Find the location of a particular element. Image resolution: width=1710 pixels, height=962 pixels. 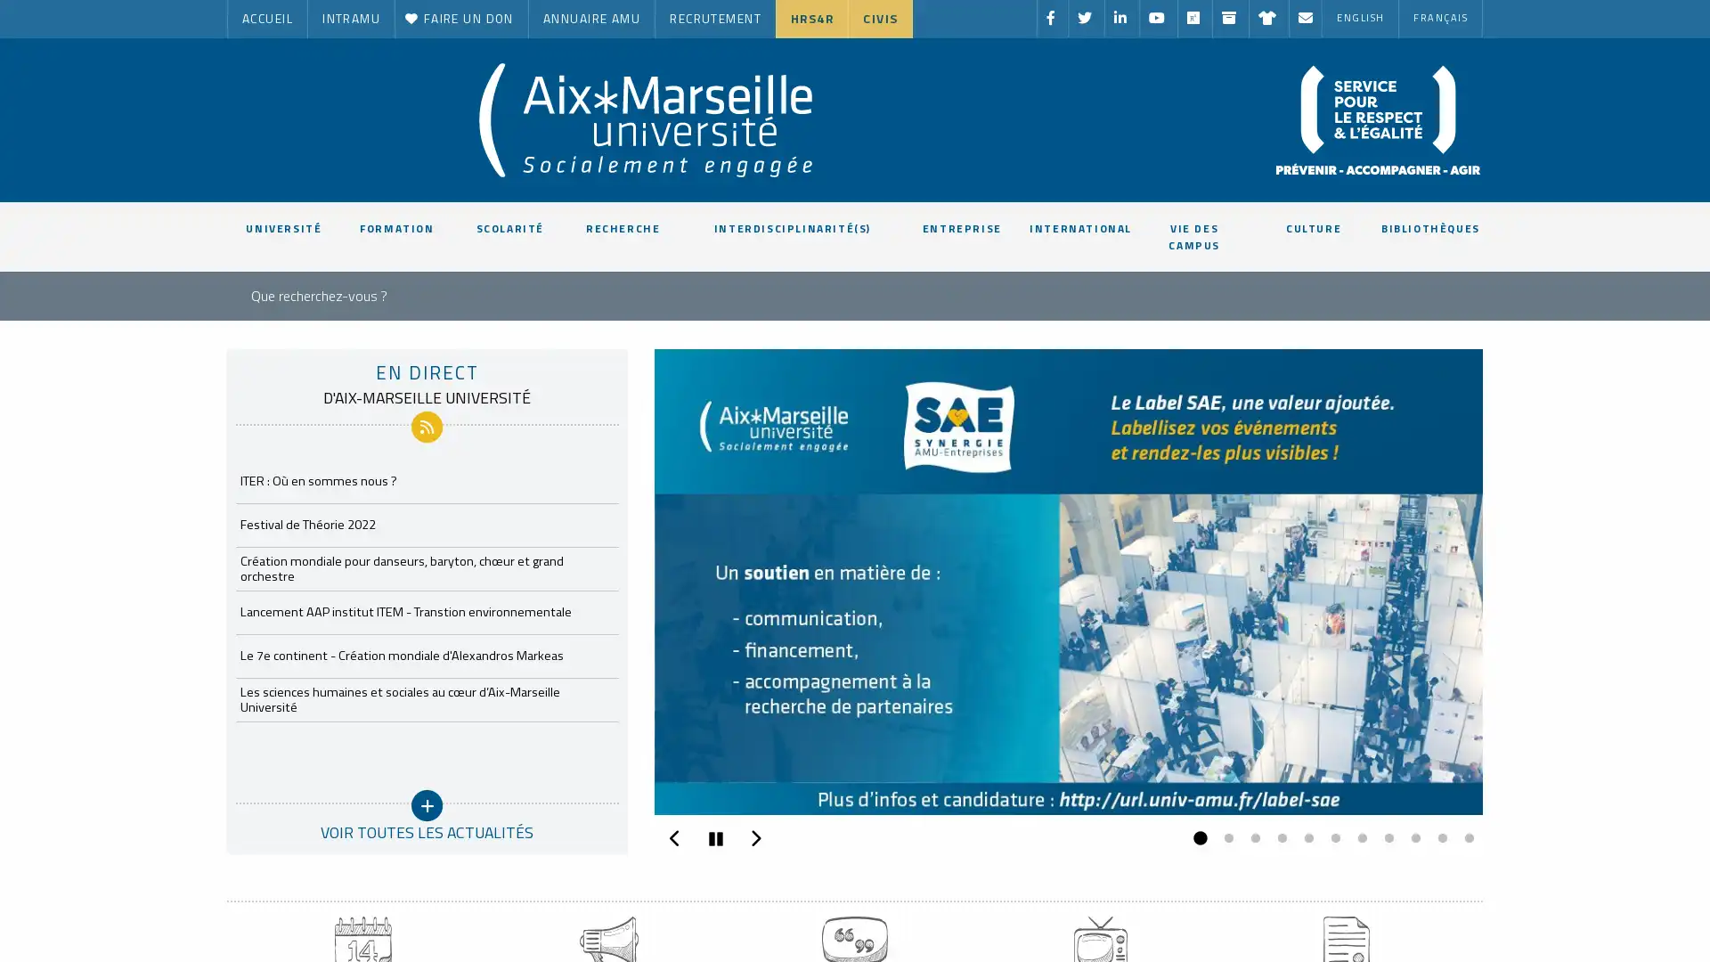

Go to slide 2 is located at coordinates (1223, 838).